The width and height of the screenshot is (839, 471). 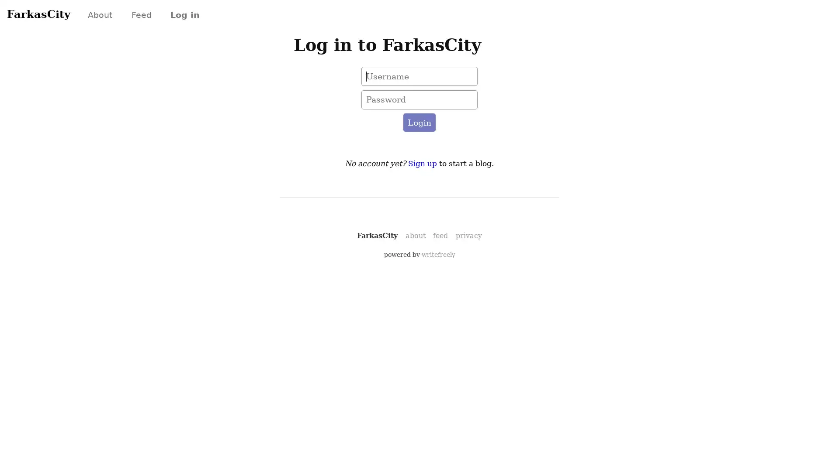 What do you see at coordinates (419, 123) in the screenshot?
I see `Login` at bounding box center [419, 123].